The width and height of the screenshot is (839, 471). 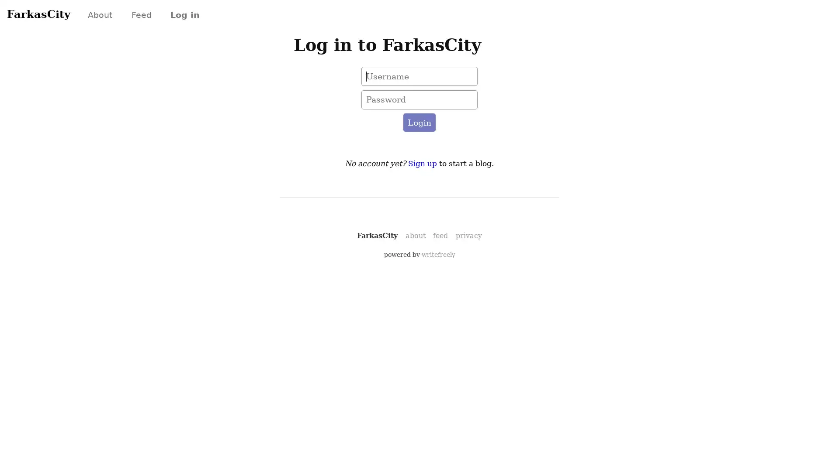 What do you see at coordinates (419, 123) in the screenshot?
I see `Login` at bounding box center [419, 123].